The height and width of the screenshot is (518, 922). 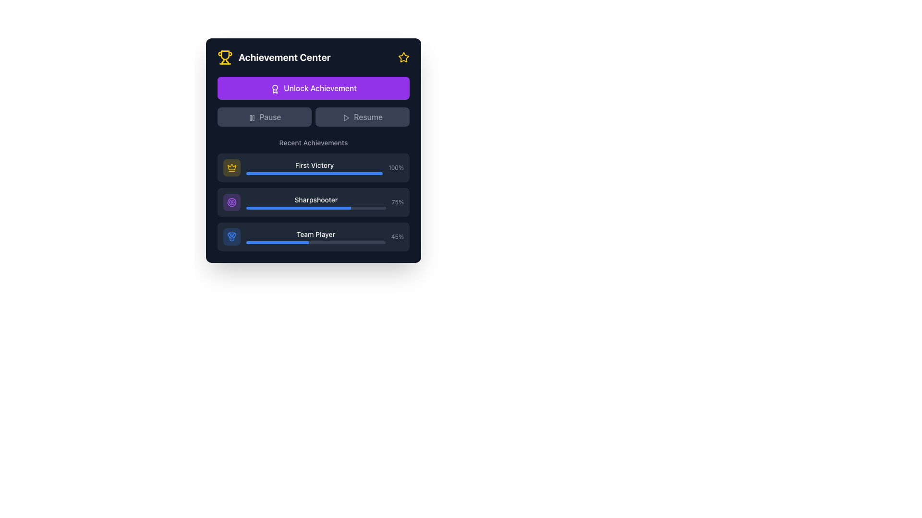 I want to click on the decorative icon for the 'Resume' button located in the 'Achievement Center' interface, which is the rightmost of three buttons underneath the purple 'Unlock Achievement' button, so click(x=346, y=117).